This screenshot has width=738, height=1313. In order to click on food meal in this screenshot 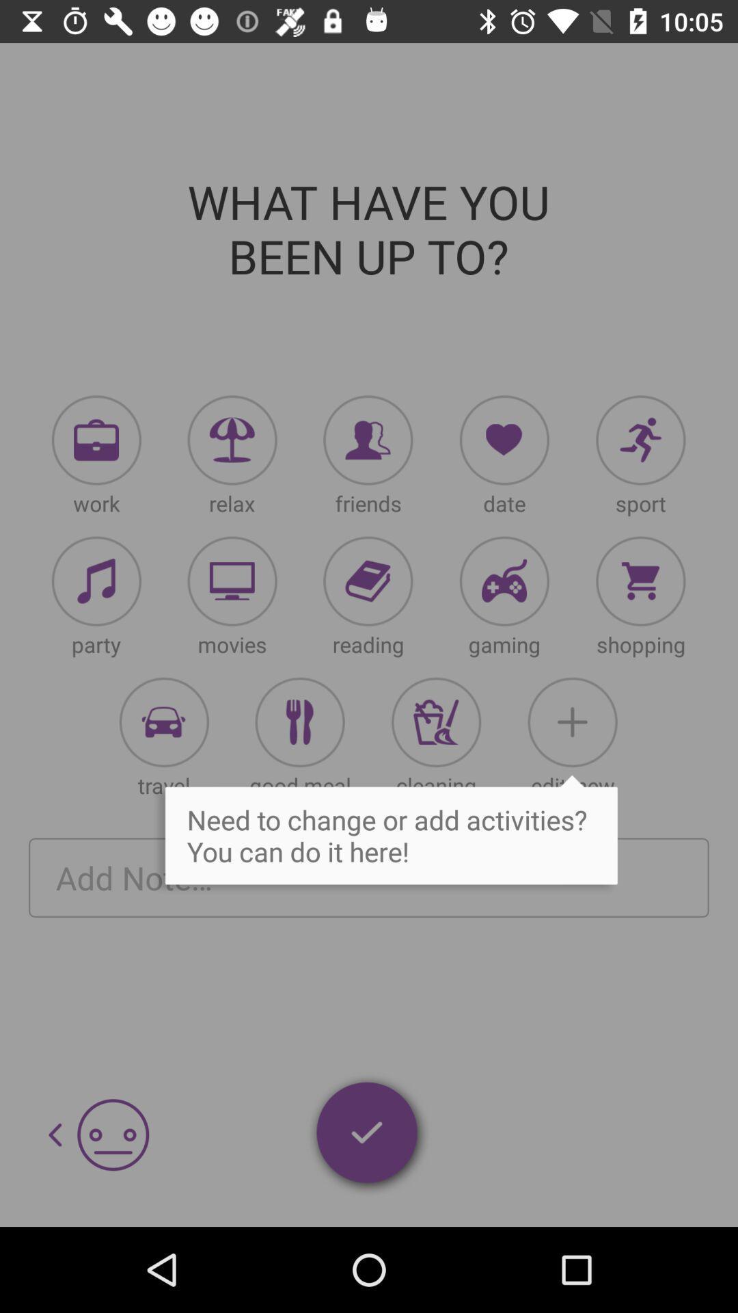, I will do `click(299, 721)`.